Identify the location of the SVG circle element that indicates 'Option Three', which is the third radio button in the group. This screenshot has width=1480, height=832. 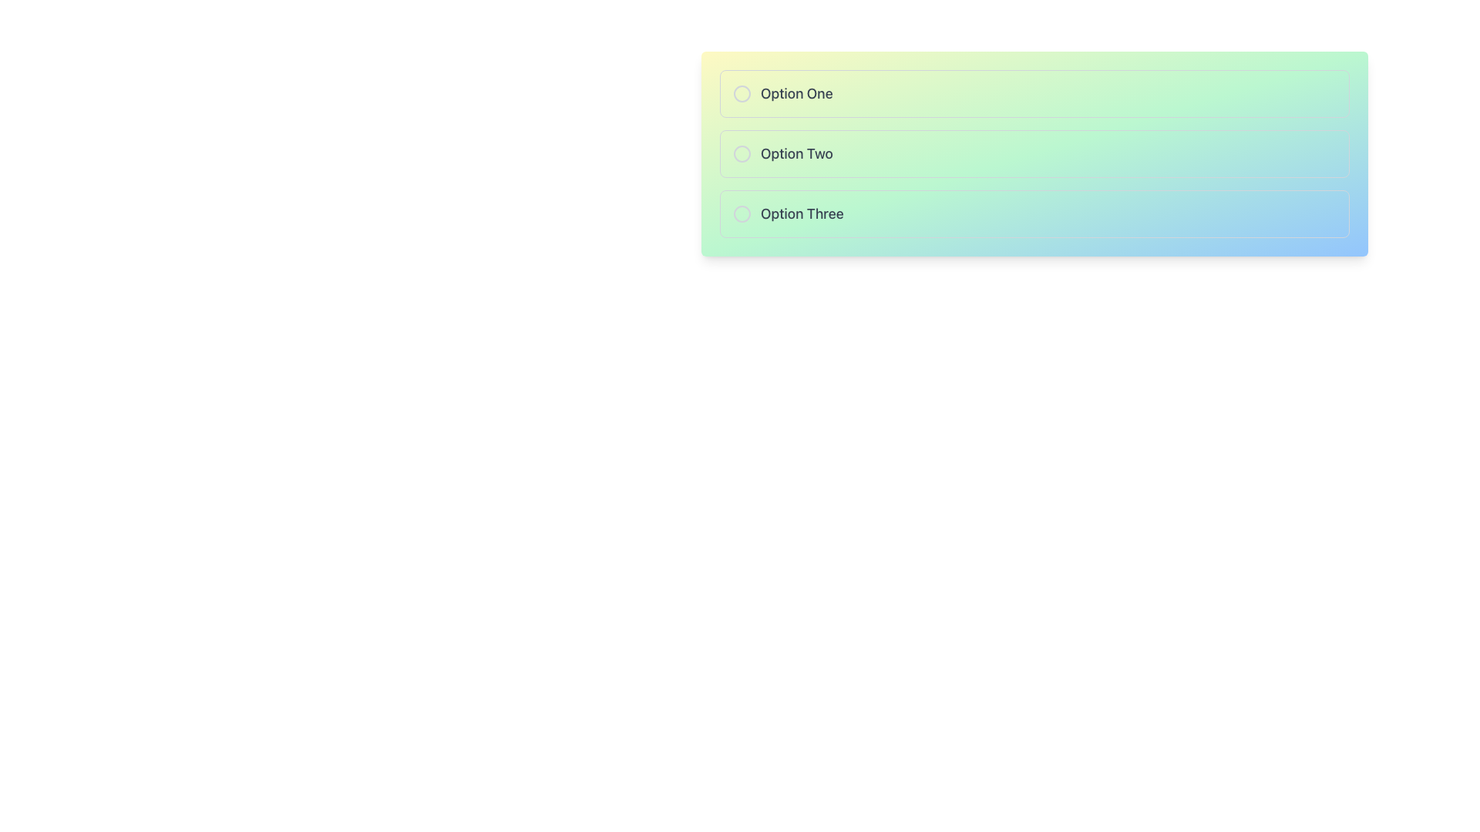
(742, 213).